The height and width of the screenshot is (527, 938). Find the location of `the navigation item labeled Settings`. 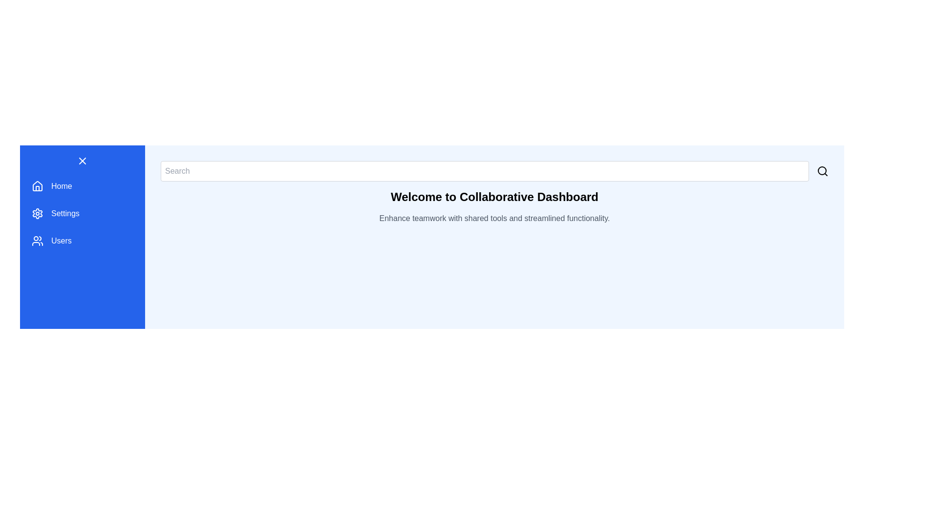

the navigation item labeled Settings is located at coordinates (82, 213).